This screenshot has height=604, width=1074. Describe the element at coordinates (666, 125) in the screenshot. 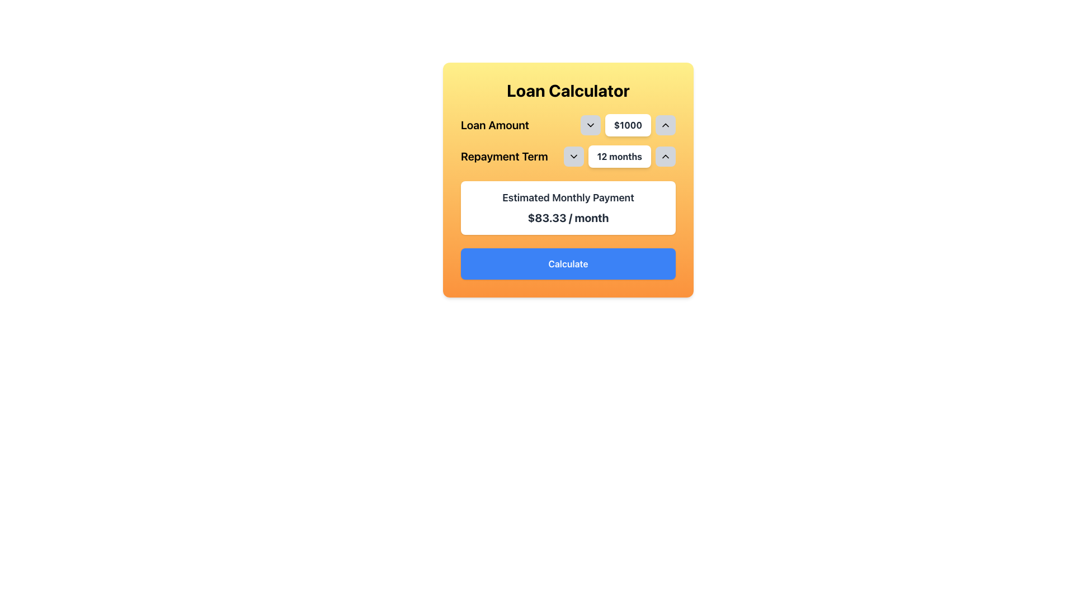

I see `the compact button with a light gray background and upward-pointing arrow icon located to the immediate right of the '$1000' numeric input box to increment the numeric value` at that location.